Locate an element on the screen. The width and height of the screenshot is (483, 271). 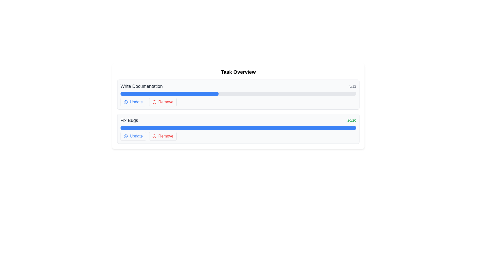
the 'Update' button, which is visually represented by a Circle Plus SVG icon to the left of the 'Update' text, located in the 'Fix Bugs' section of the task list is located at coordinates (126, 136).